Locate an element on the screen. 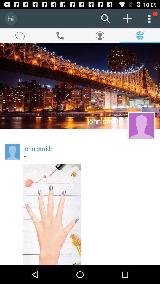 Image resolution: width=160 pixels, height=284 pixels. the icon below the john smith item is located at coordinates (89, 156).